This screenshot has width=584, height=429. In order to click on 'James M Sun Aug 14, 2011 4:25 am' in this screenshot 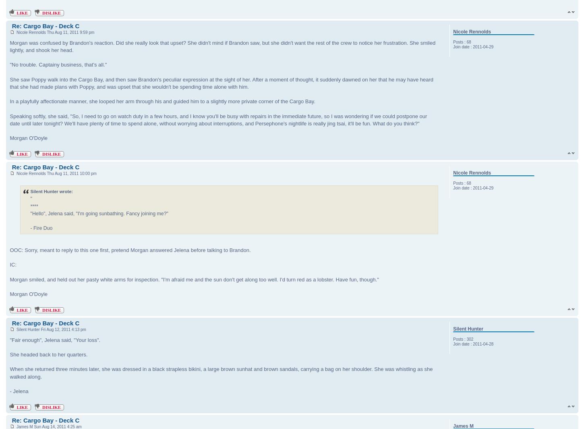, I will do `click(48, 426)`.